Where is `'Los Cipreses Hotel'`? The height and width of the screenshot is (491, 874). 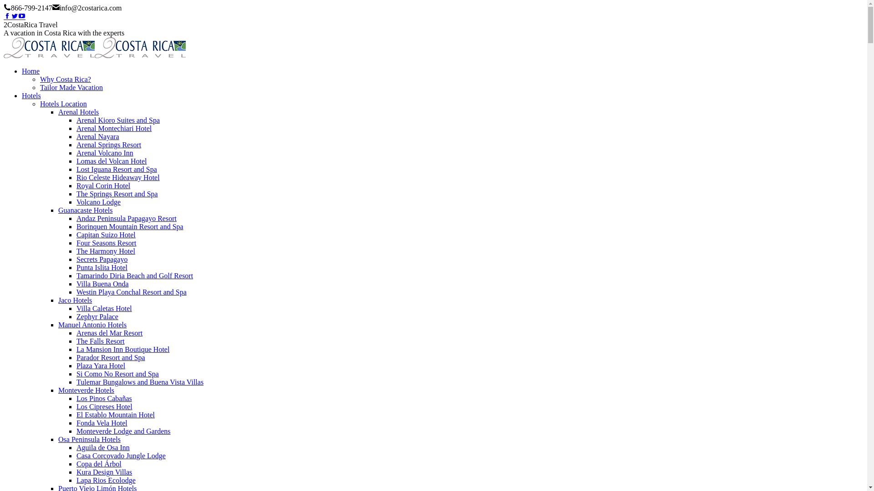 'Los Cipreses Hotel' is located at coordinates (104, 406).